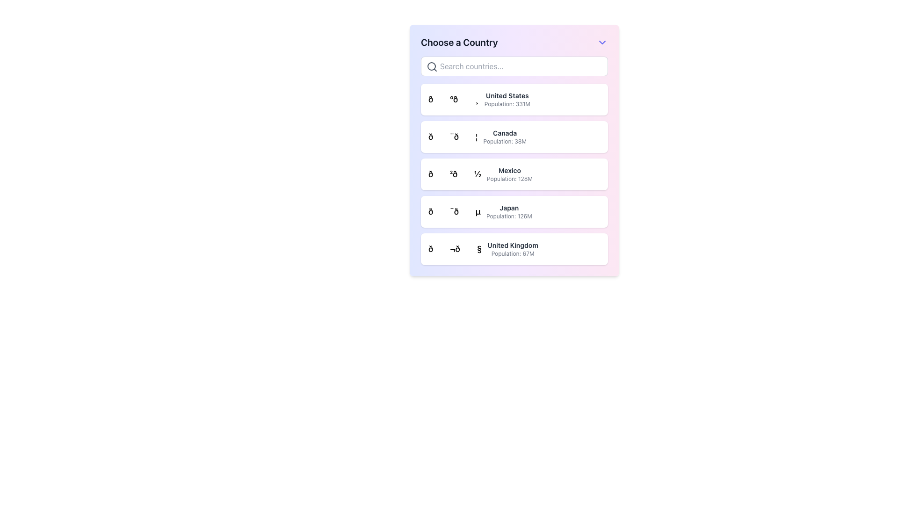  What do you see at coordinates (432, 66) in the screenshot?
I see `the search icon that indicates the search functionality, located to the left of the text input area` at bounding box center [432, 66].